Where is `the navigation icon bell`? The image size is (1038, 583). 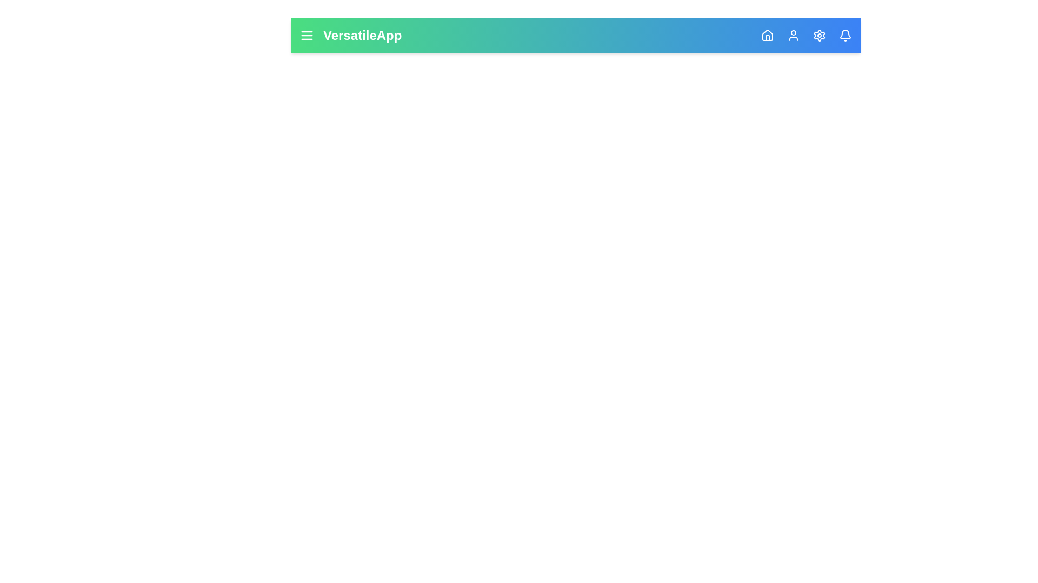 the navigation icon bell is located at coordinates (845, 35).